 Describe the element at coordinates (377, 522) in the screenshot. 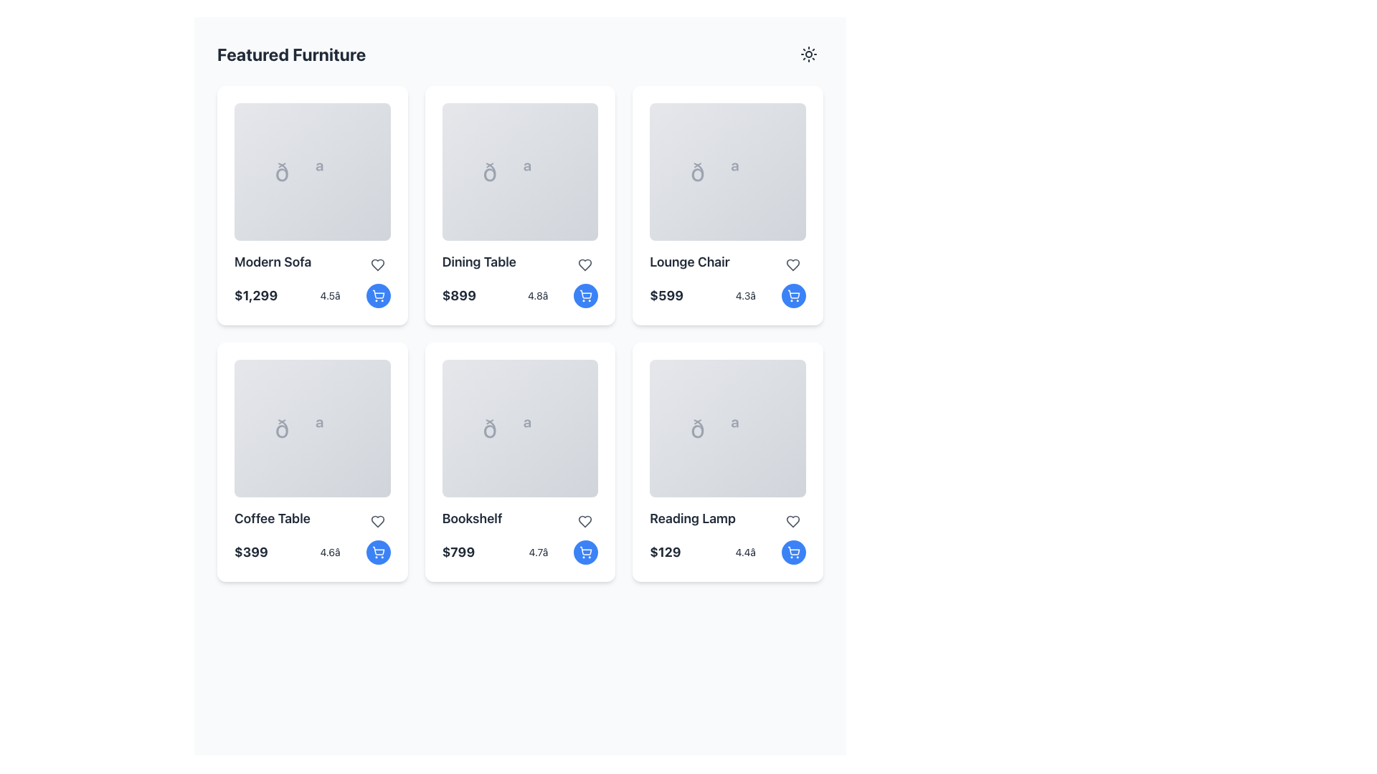

I see `the heart-shaped icon button used to indicate a 'favorite' or 'like' action, located in the top-right corner of the 'Coffee Table' product card` at that location.